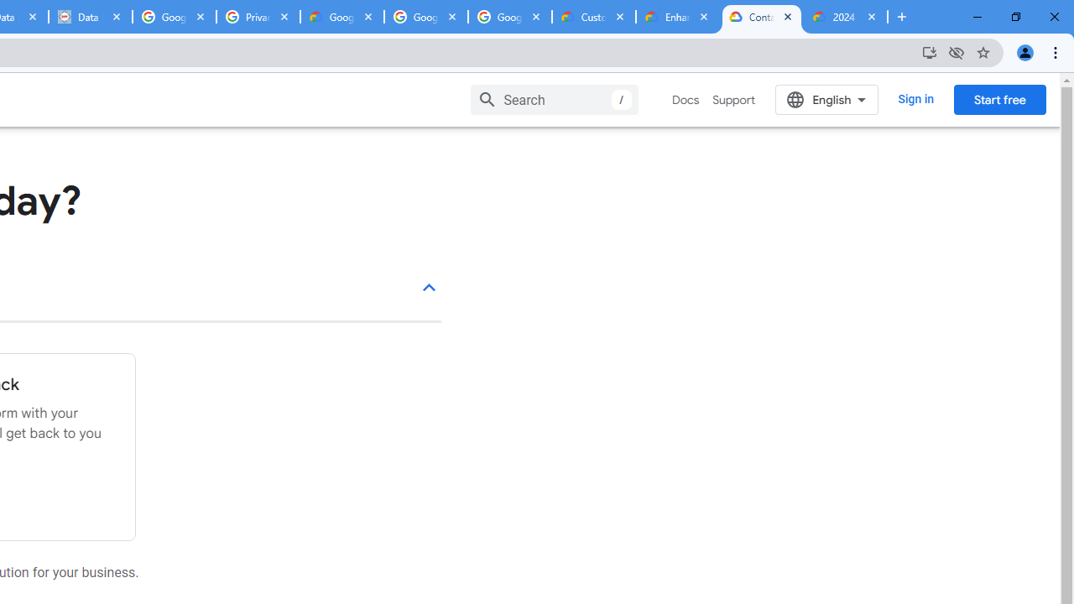 This screenshot has height=604, width=1074. Describe the element at coordinates (1056, 51) in the screenshot. I see `'Chrome'` at that location.